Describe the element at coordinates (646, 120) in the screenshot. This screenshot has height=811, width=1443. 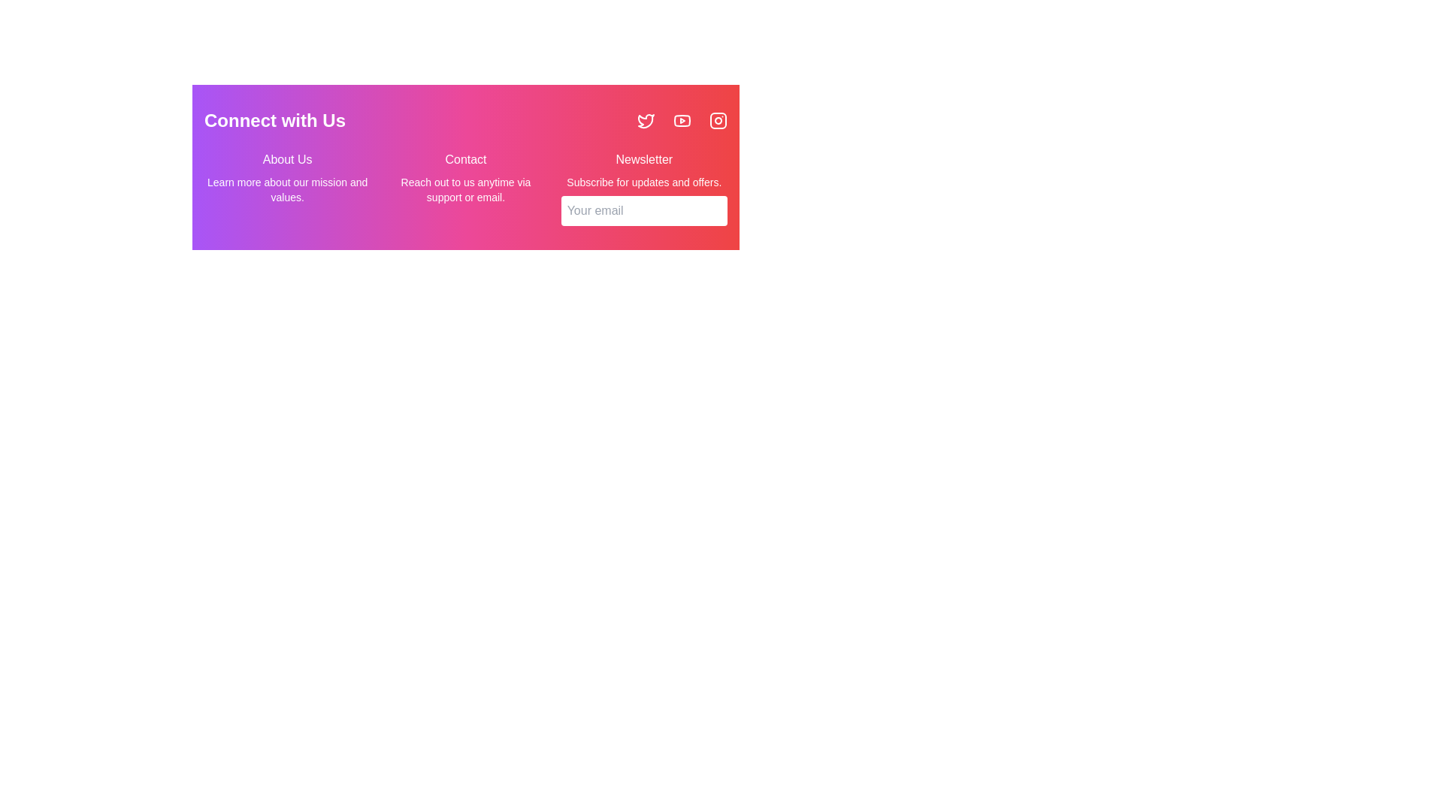
I see `the red bird icon representing a social media platform located at the top-right section of the 'Connect with Us' panel, which is the first icon in a horizontal sequence` at that location.